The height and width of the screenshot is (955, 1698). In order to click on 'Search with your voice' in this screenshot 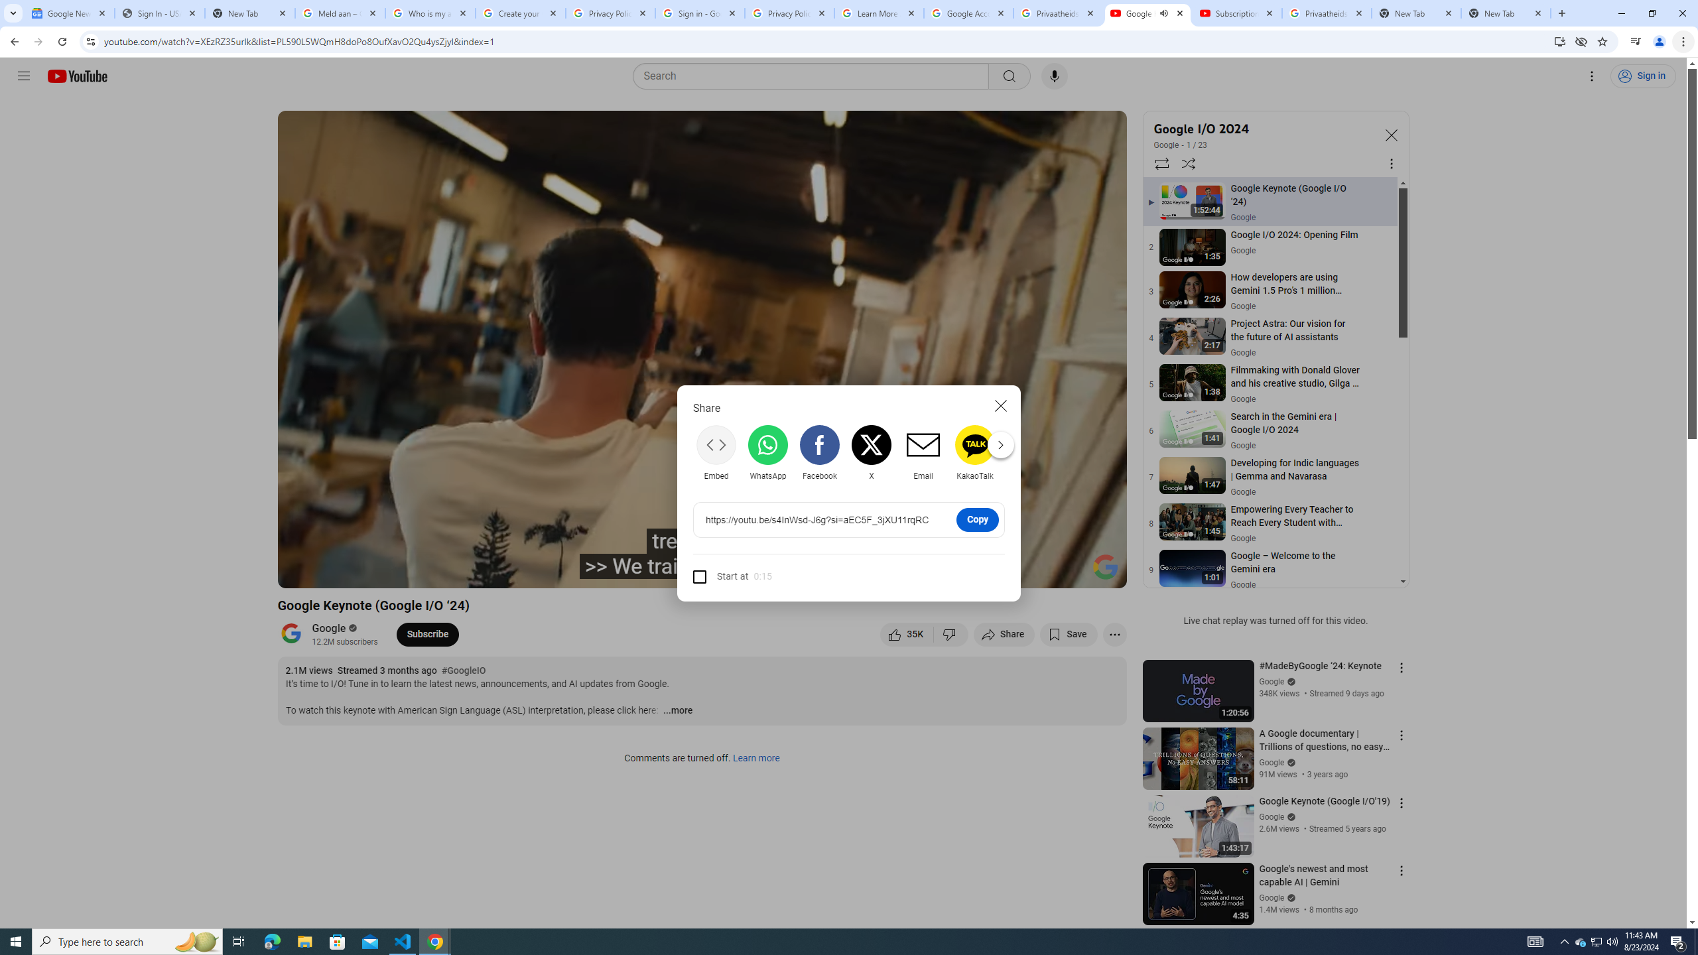, I will do `click(1054, 76)`.